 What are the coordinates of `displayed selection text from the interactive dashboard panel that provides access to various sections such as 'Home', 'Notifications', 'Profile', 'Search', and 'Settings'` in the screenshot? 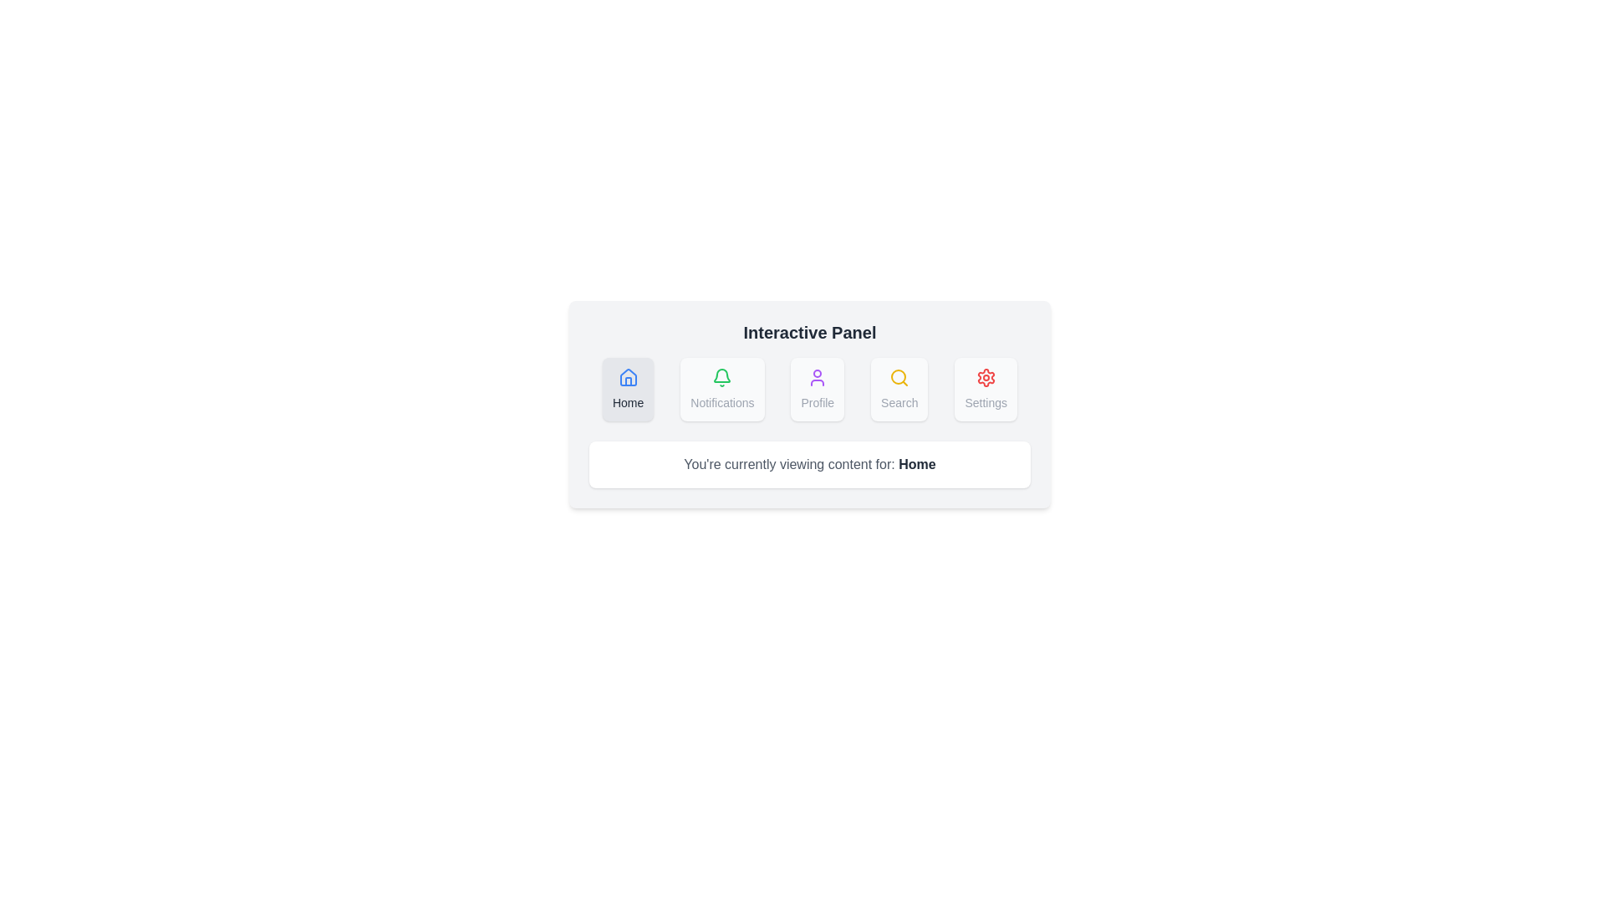 It's located at (810, 404).